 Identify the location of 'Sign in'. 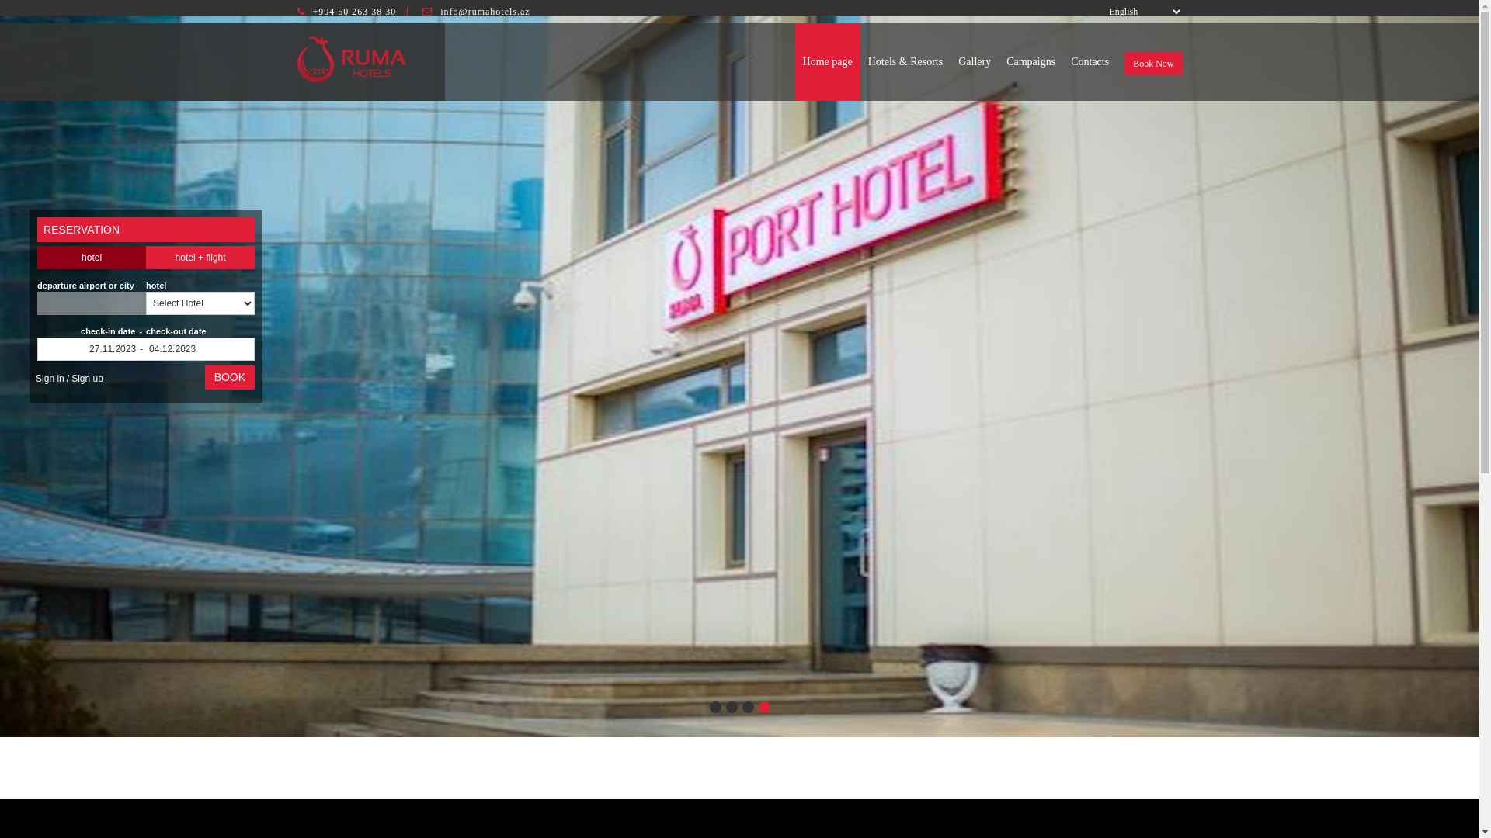
(50, 379).